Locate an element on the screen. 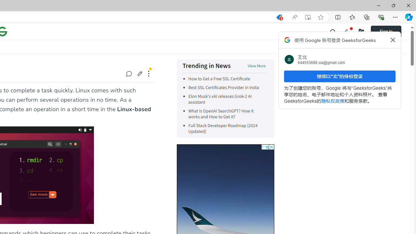  'How to Get a Free SSL Certificate' is located at coordinates (227, 79).